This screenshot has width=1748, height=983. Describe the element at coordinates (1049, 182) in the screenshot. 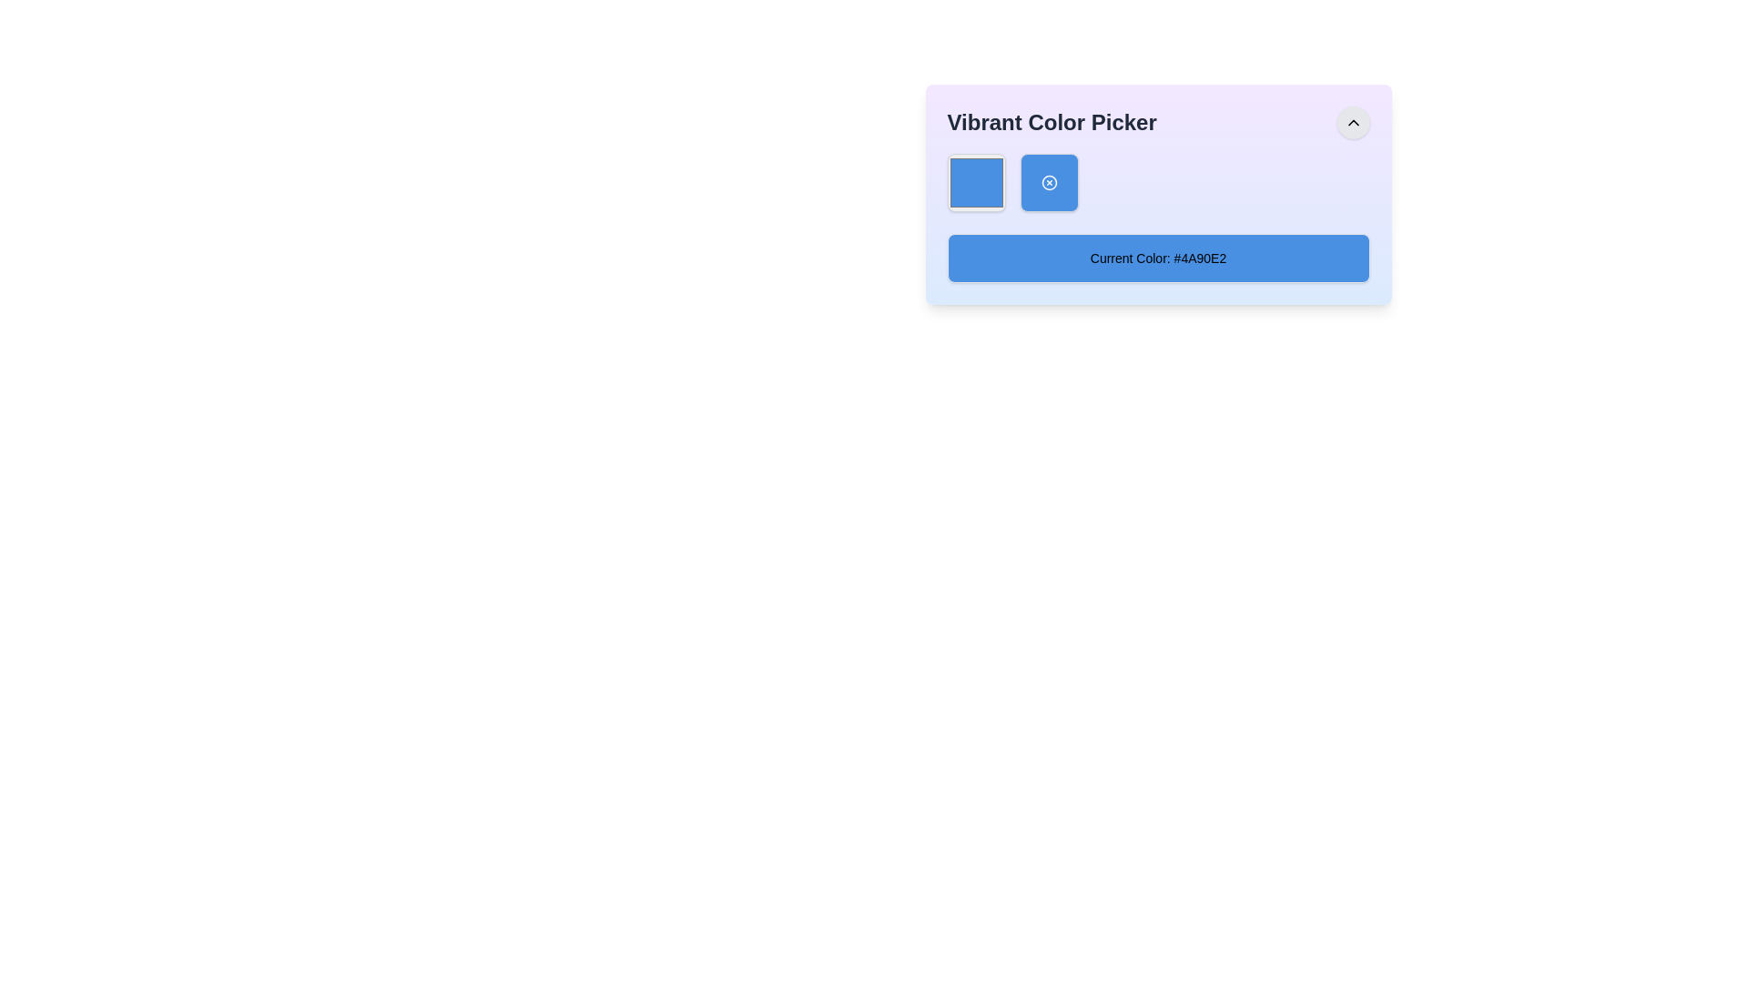

I see `the blue square-shaped button with rounded corners and a centered circle with a cross icon for interaction` at that location.